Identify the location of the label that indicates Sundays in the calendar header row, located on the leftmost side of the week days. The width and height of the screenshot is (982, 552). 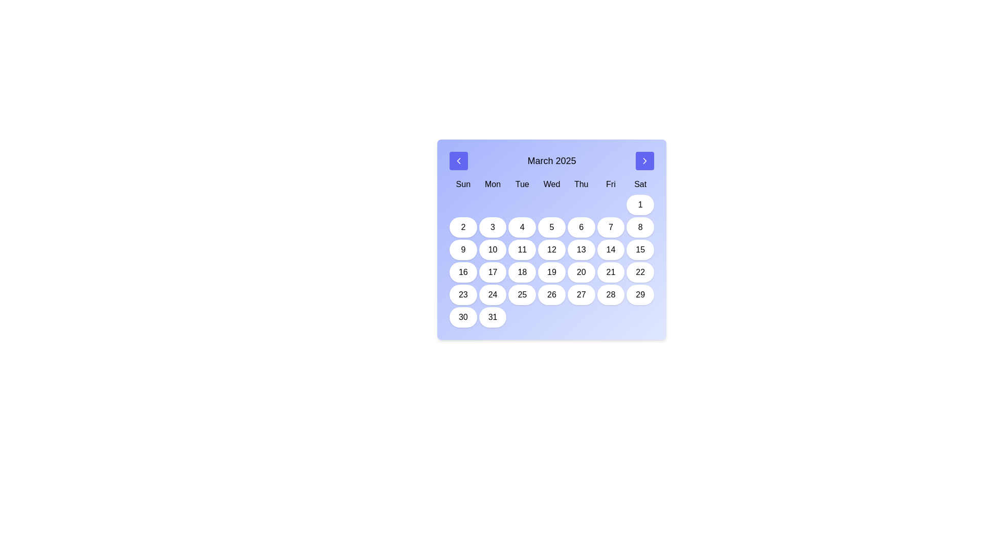
(462, 185).